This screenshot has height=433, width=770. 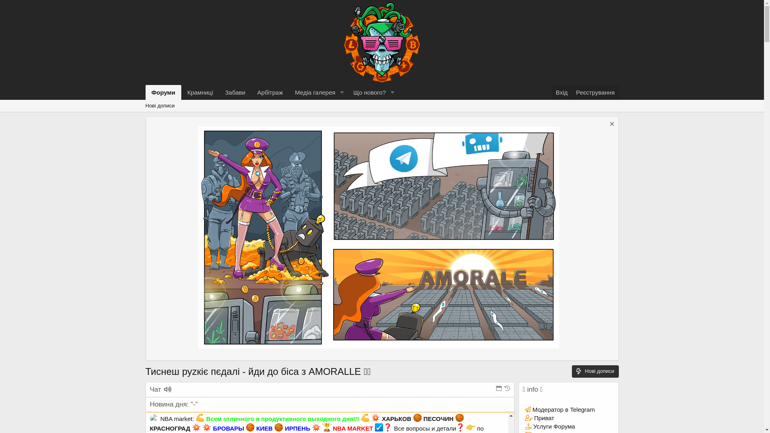 What do you see at coordinates (207, 427) in the screenshot?
I see `'Collision    :boom:'` at bounding box center [207, 427].